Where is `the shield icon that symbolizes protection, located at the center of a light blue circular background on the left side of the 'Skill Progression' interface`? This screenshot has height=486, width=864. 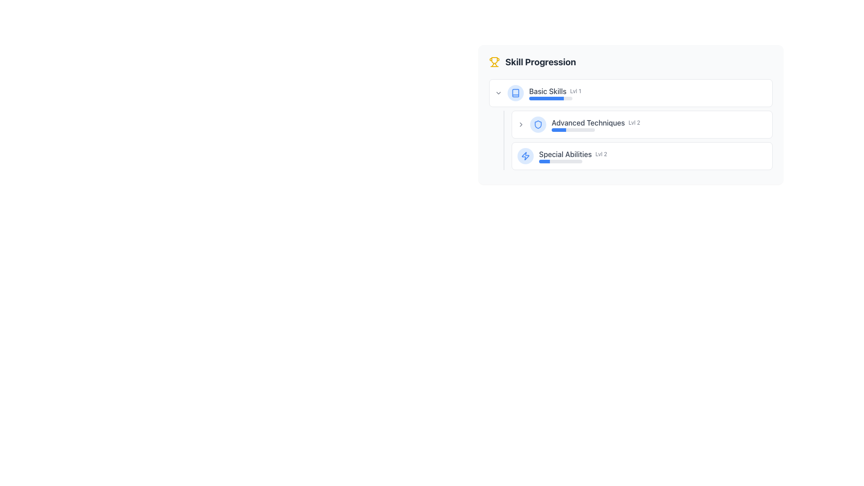
the shield icon that symbolizes protection, located at the center of a light blue circular background on the left side of the 'Skill Progression' interface is located at coordinates (538, 125).